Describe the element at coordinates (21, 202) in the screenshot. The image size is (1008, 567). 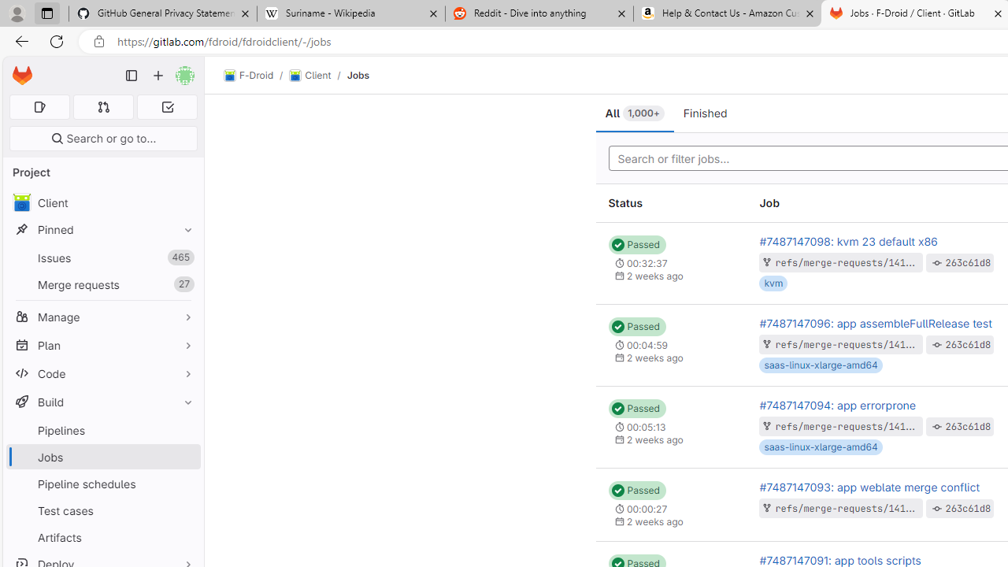
I see `'avatar'` at that location.